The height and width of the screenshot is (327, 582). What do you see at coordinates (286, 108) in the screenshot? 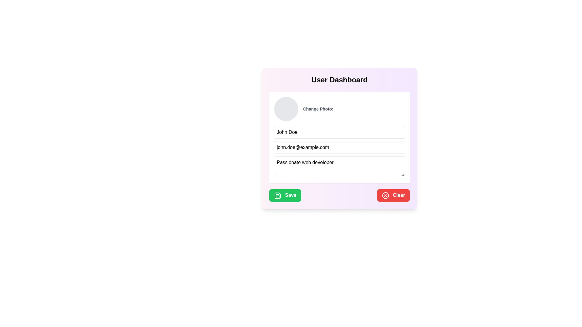
I see `the circular photo placeholder element with a gray background from its current position` at bounding box center [286, 108].